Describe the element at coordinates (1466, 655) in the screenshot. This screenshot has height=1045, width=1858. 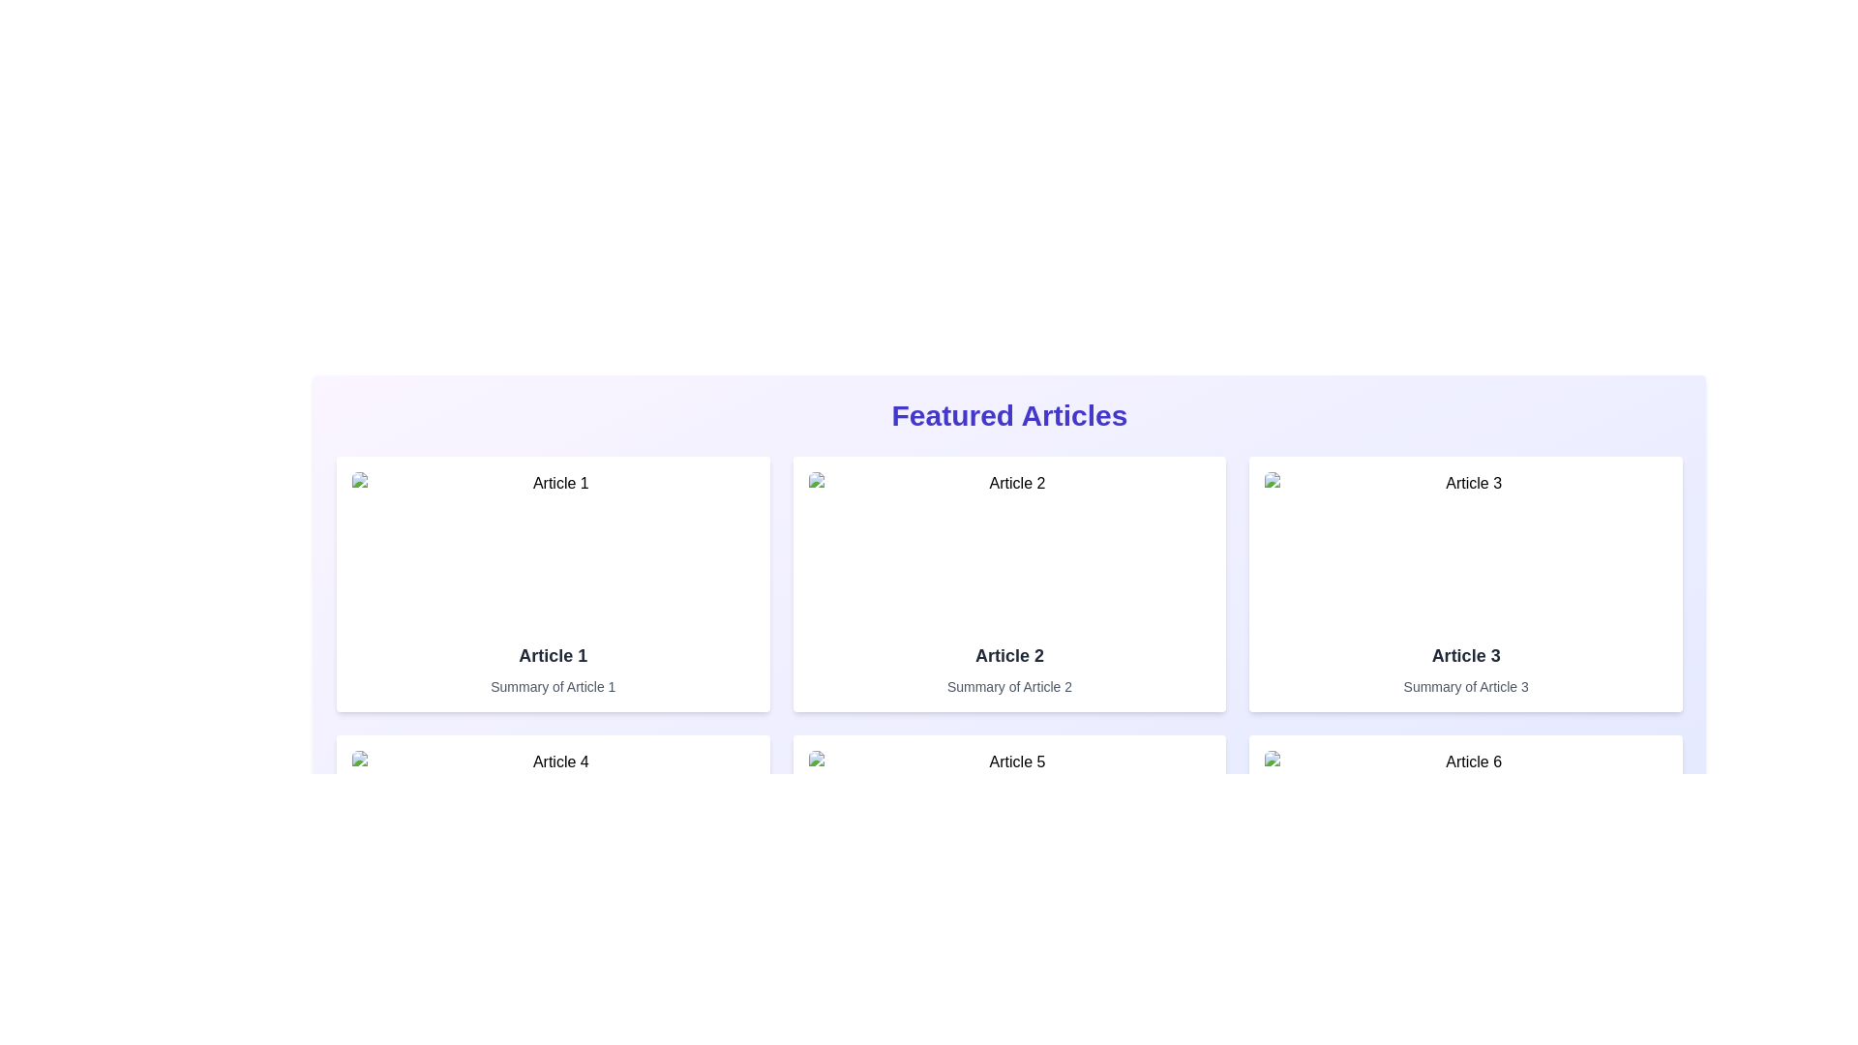
I see `text label for 'Article 3', which is a central bold label within a white card positioned in the top row of the grid layout, third column from the left` at that location.